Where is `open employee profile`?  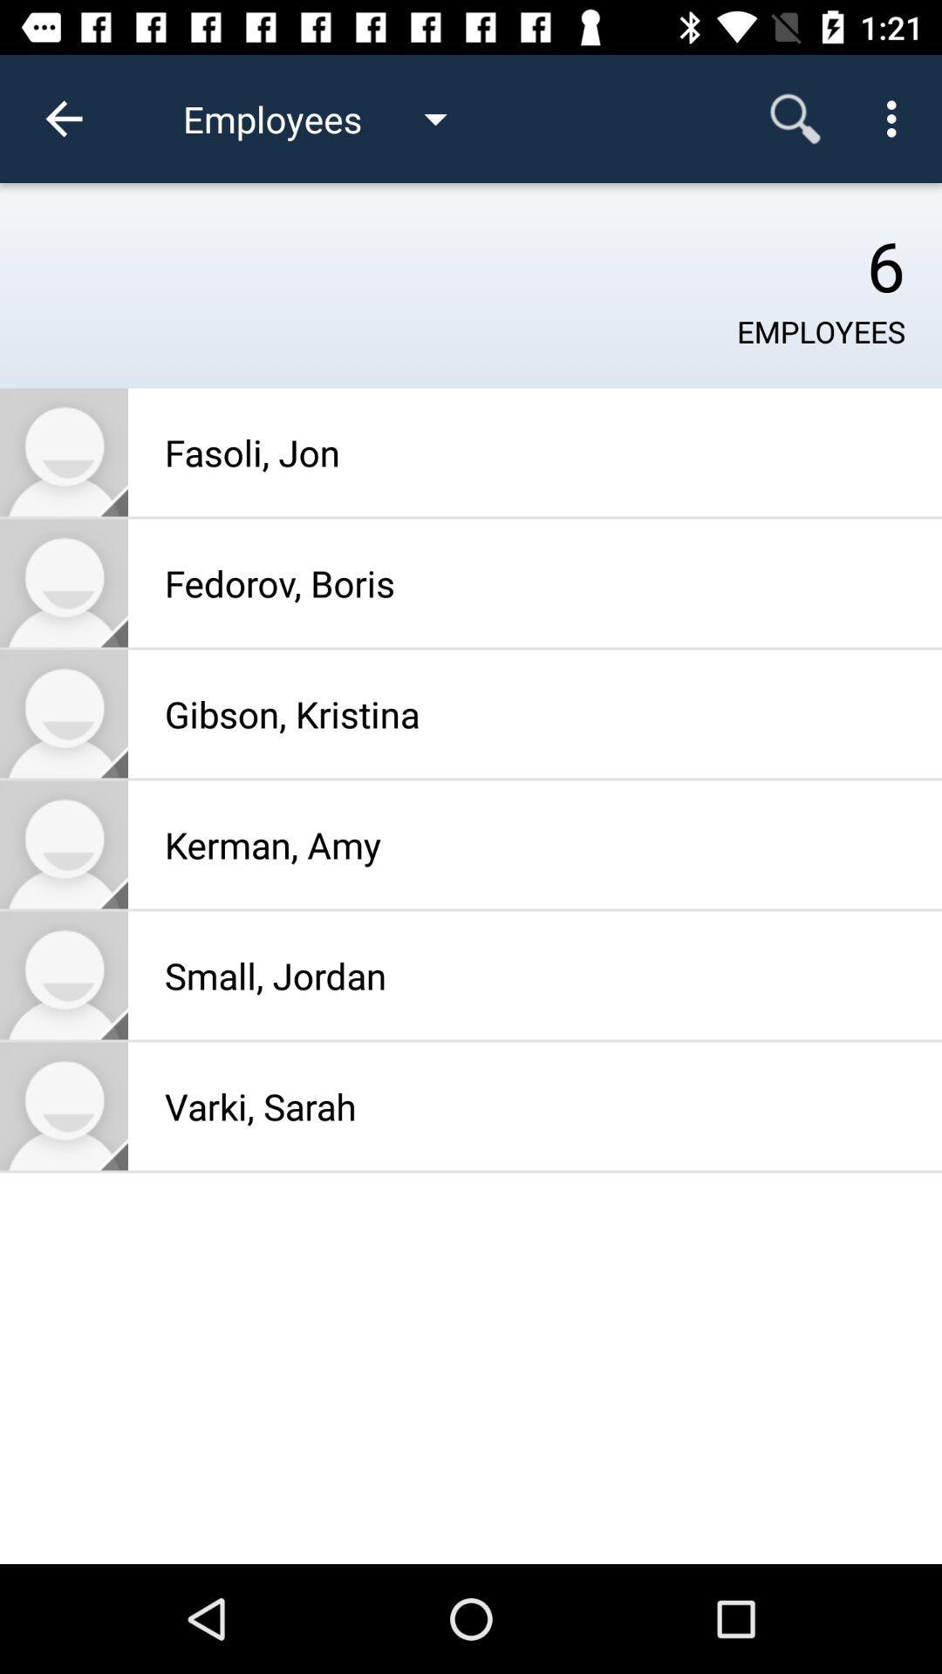 open employee profile is located at coordinates (63, 845).